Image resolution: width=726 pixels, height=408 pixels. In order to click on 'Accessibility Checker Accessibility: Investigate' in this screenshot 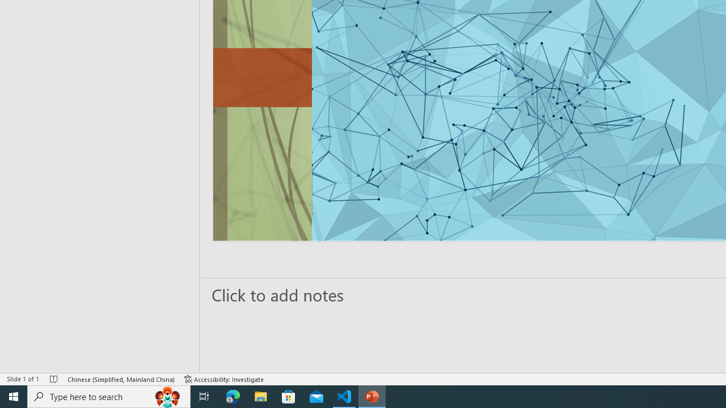, I will do `click(224, 379)`.